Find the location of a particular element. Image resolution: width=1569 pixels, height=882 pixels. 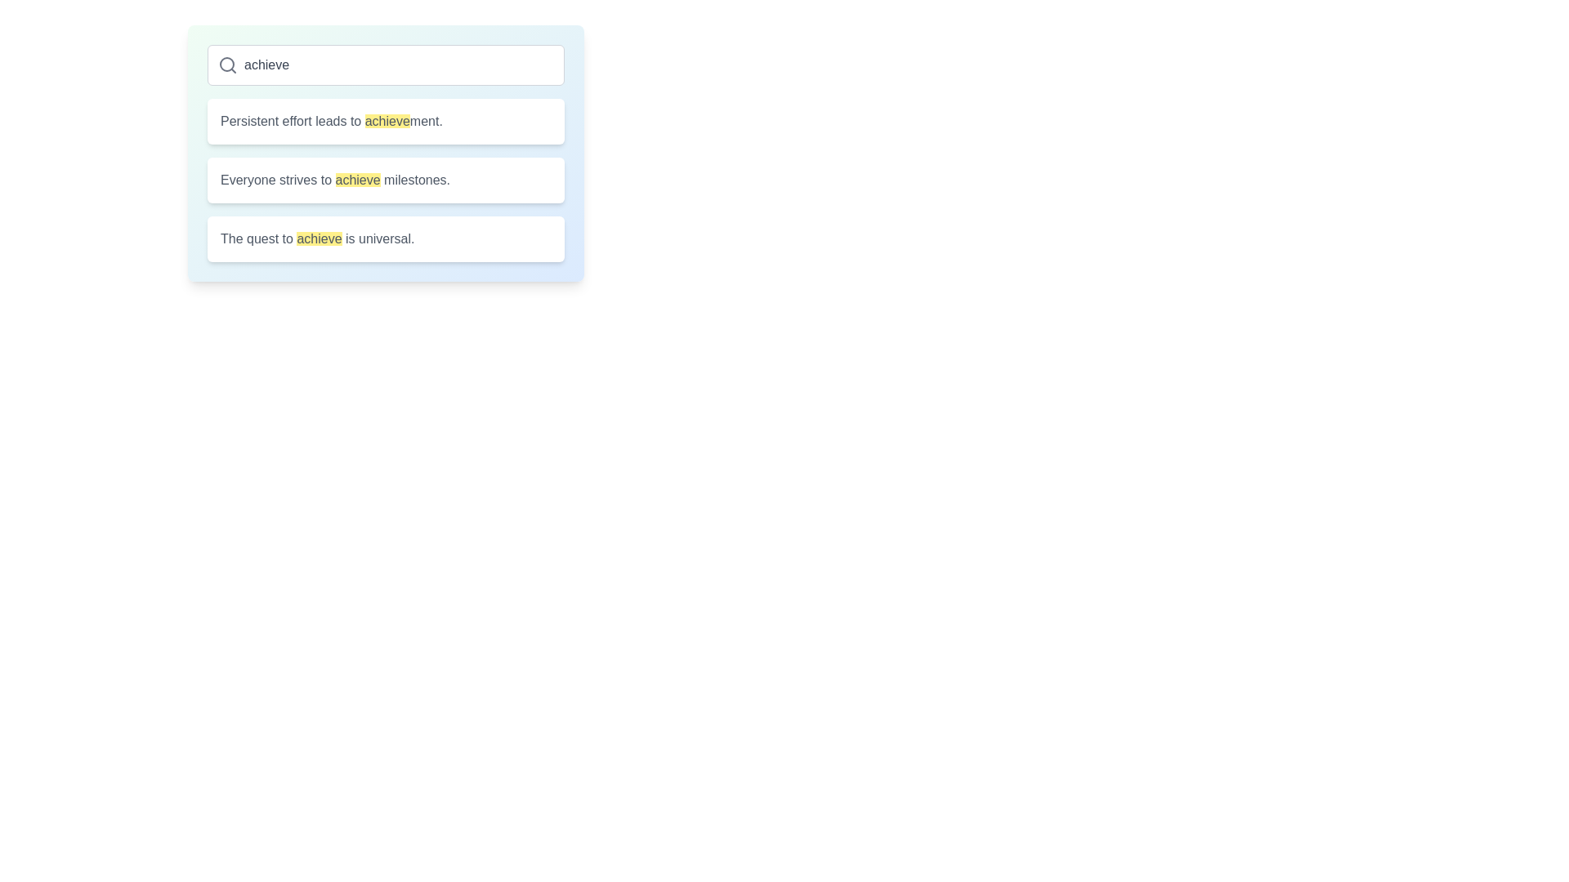

the second text block in the list of search results located below the search bar is located at coordinates (385, 180).